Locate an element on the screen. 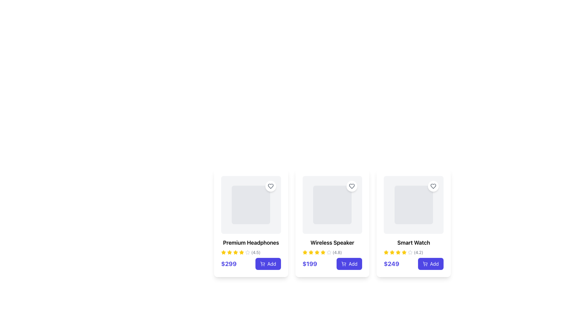  the 'Add' button text label that indicates adding the Smart Watch item to the shopping cart is located at coordinates (434, 263).